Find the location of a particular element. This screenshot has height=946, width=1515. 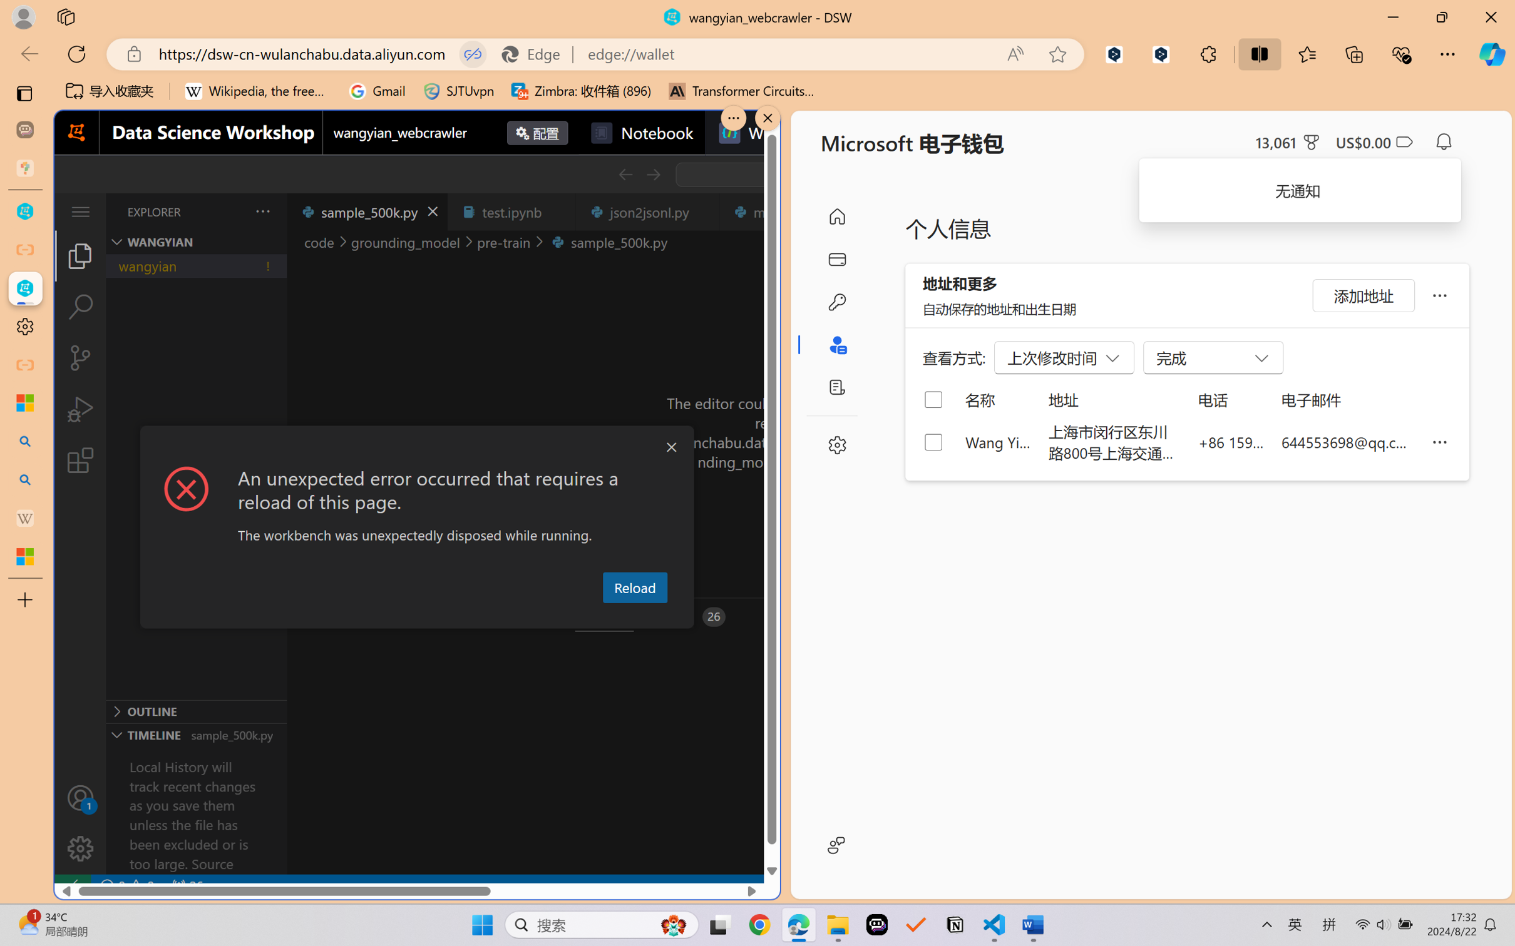

'Tab actions' is located at coordinates (702, 211).